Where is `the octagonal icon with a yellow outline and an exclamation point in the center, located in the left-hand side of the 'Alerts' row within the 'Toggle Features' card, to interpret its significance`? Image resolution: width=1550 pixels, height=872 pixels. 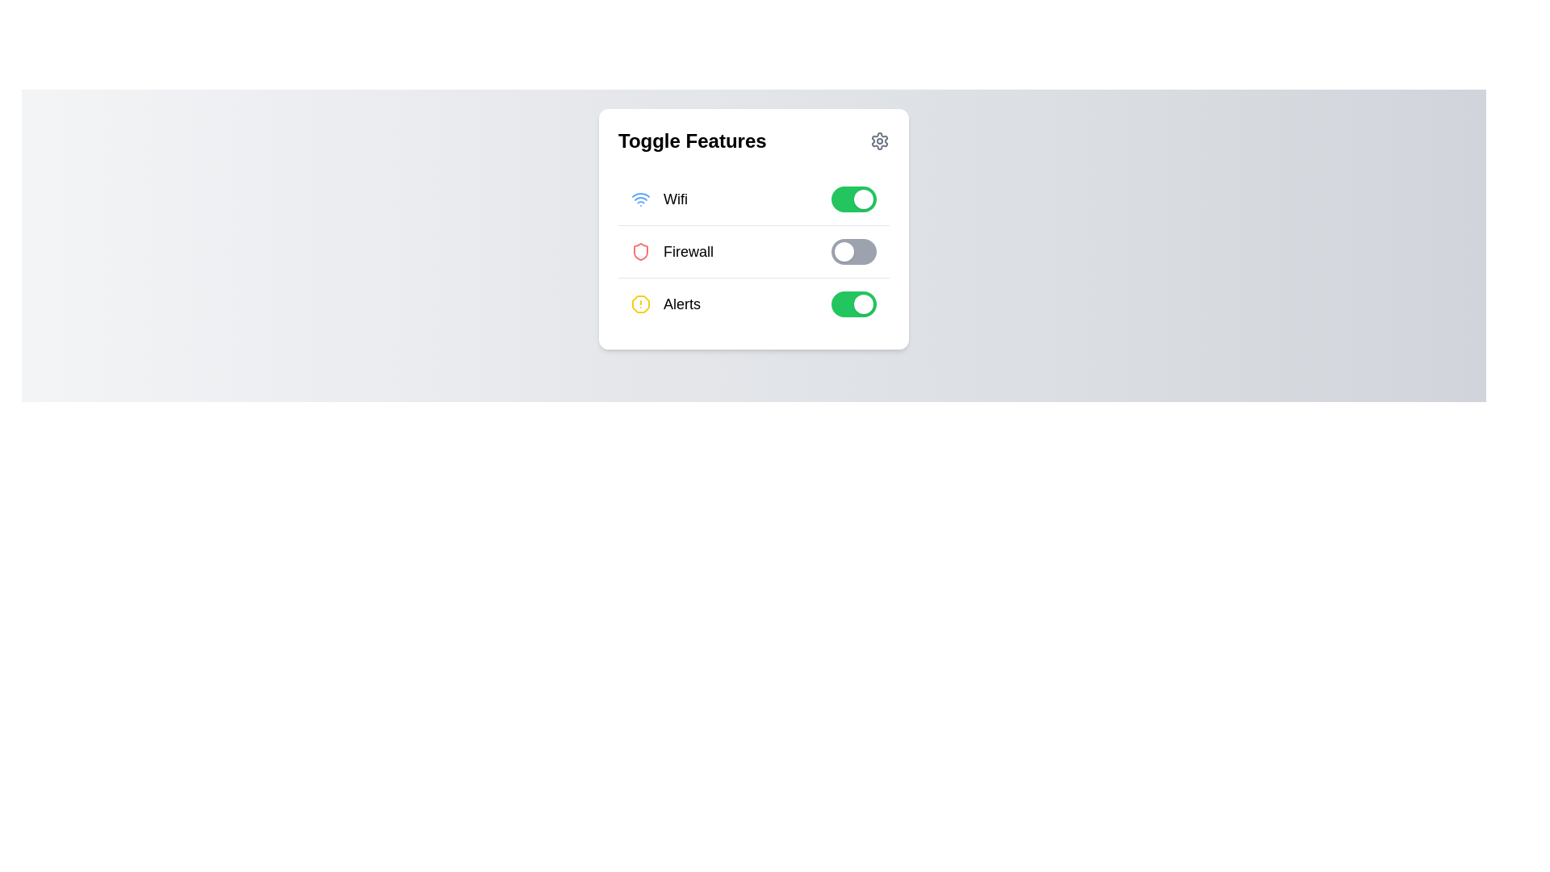 the octagonal icon with a yellow outline and an exclamation point in the center, located in the left-hand side of the 'Alerts' row within the 'Toggle Features' card, to interpret its significance is located at coordinates (639, 304).